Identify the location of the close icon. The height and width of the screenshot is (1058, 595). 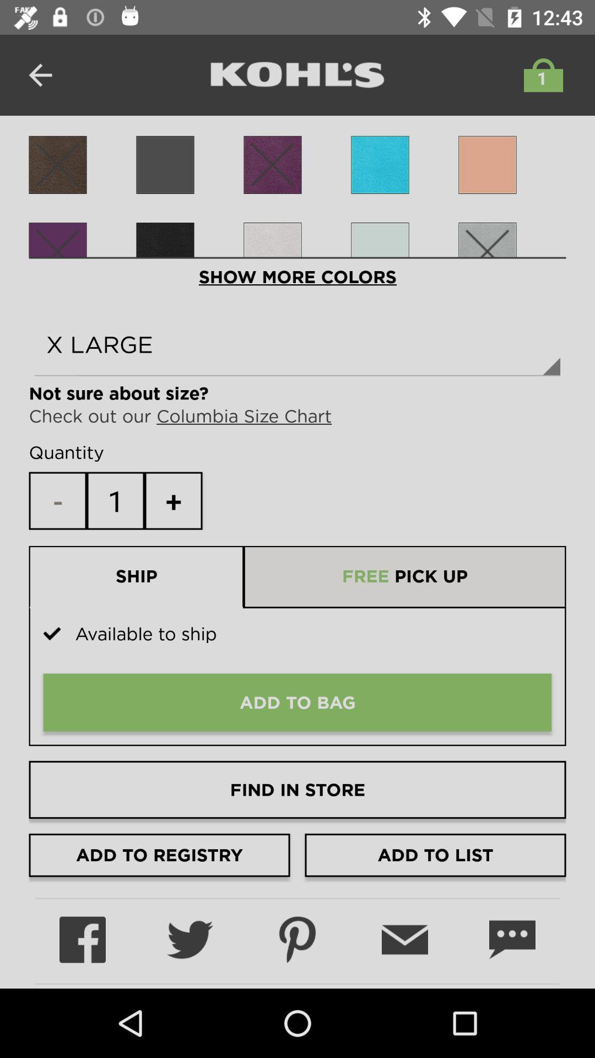
(57, 164).